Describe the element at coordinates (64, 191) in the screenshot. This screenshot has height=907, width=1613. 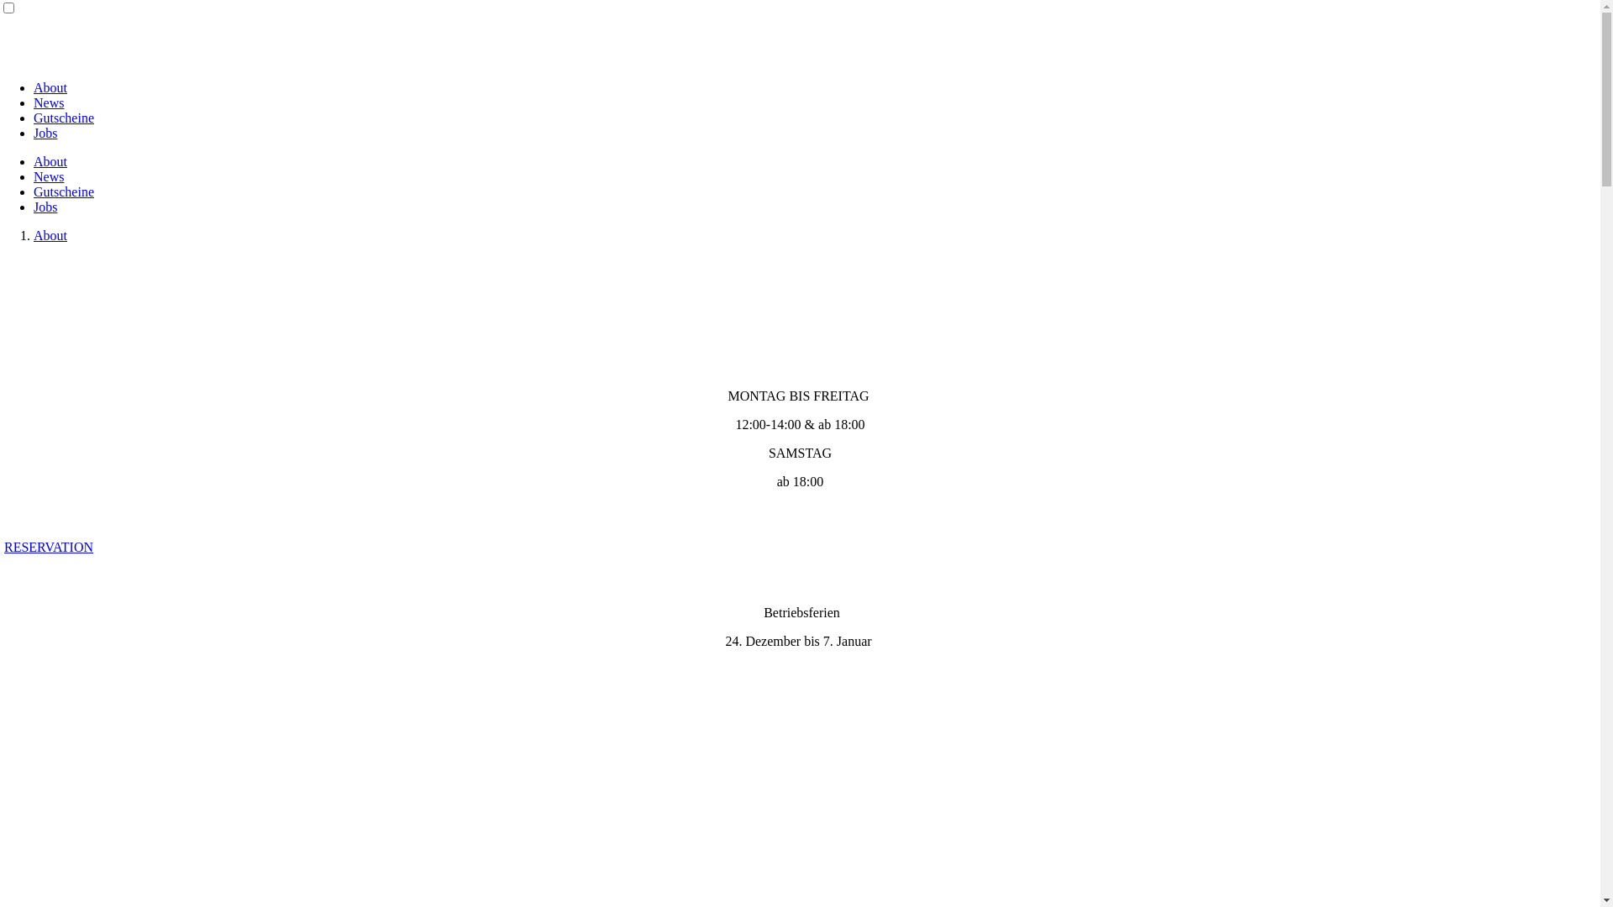
I see `'Gutscheine'` at that location.